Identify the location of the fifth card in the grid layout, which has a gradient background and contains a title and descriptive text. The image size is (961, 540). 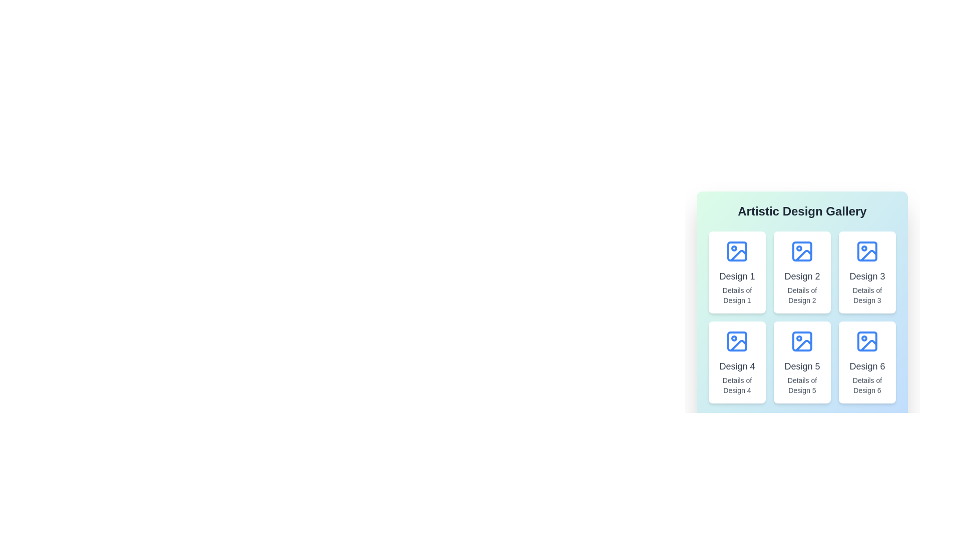
(802, 319).